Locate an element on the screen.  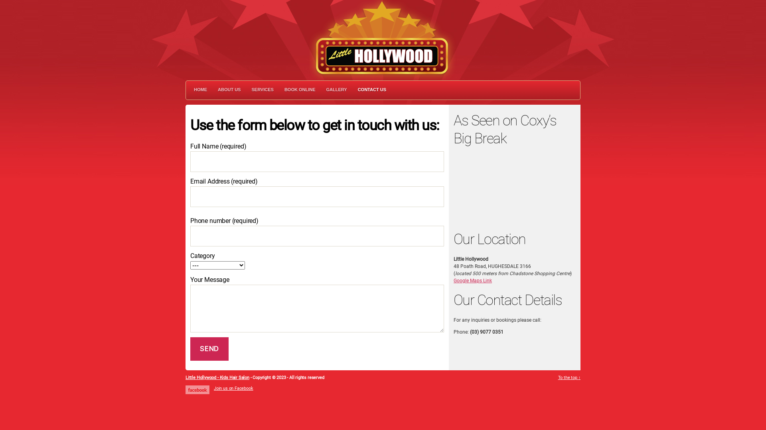
'BOOK ONLINE' is located at coordinates (300, 90).